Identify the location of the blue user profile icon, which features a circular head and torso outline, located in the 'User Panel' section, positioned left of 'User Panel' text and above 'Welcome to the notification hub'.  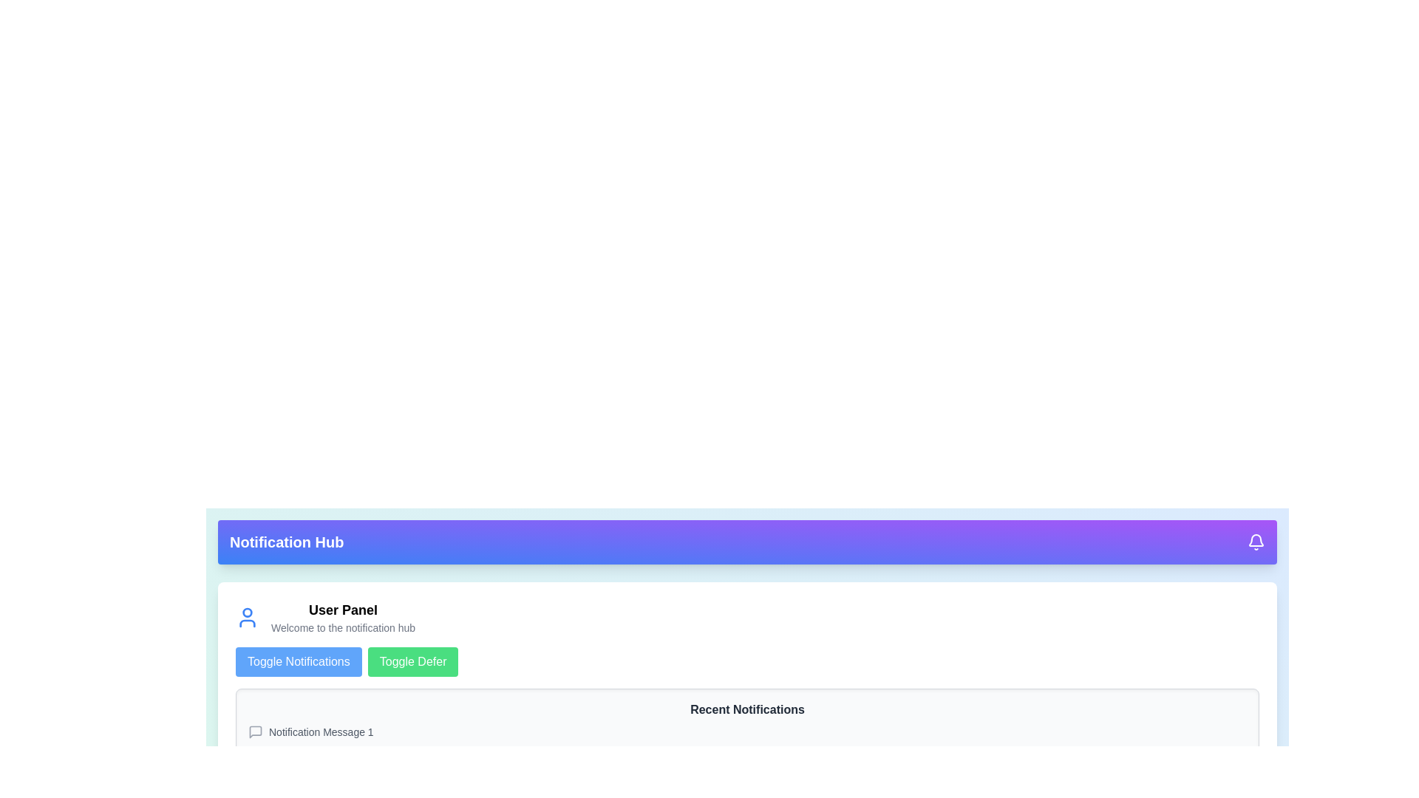
(248, 618).